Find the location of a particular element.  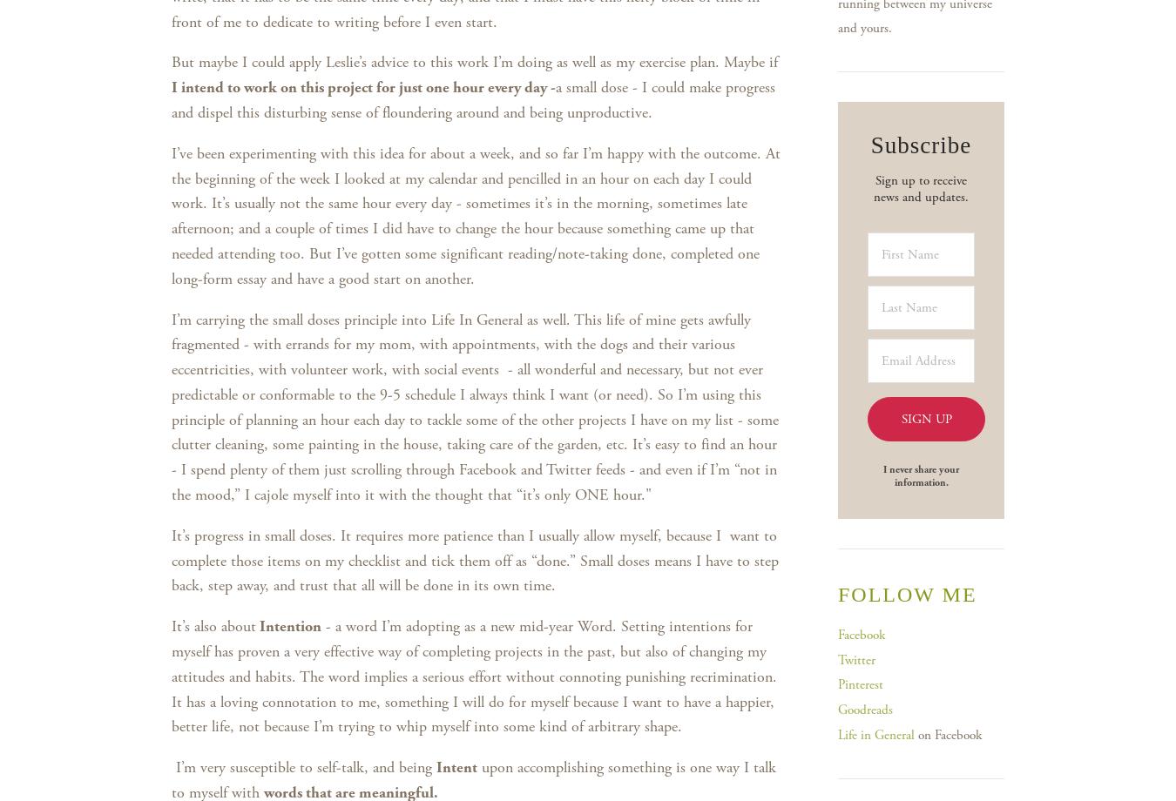

'Follow me' is located at coordinates (907, 592).